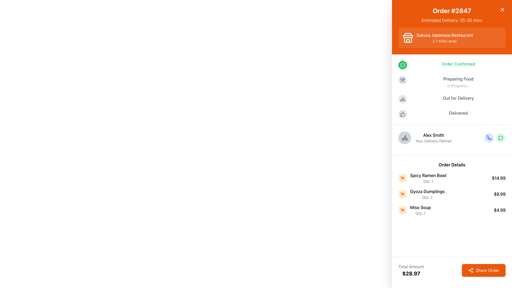 This screenshot has height=288, width=512. I want to click on the 'Order Details' text label, which features bold black text on a white background, serving as a title above the list of items in the order, so click(451, 164).